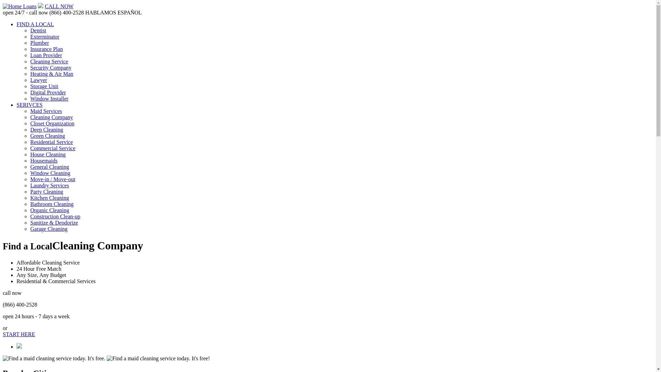  I want to click on 'Exterminator', so click(44, 37).